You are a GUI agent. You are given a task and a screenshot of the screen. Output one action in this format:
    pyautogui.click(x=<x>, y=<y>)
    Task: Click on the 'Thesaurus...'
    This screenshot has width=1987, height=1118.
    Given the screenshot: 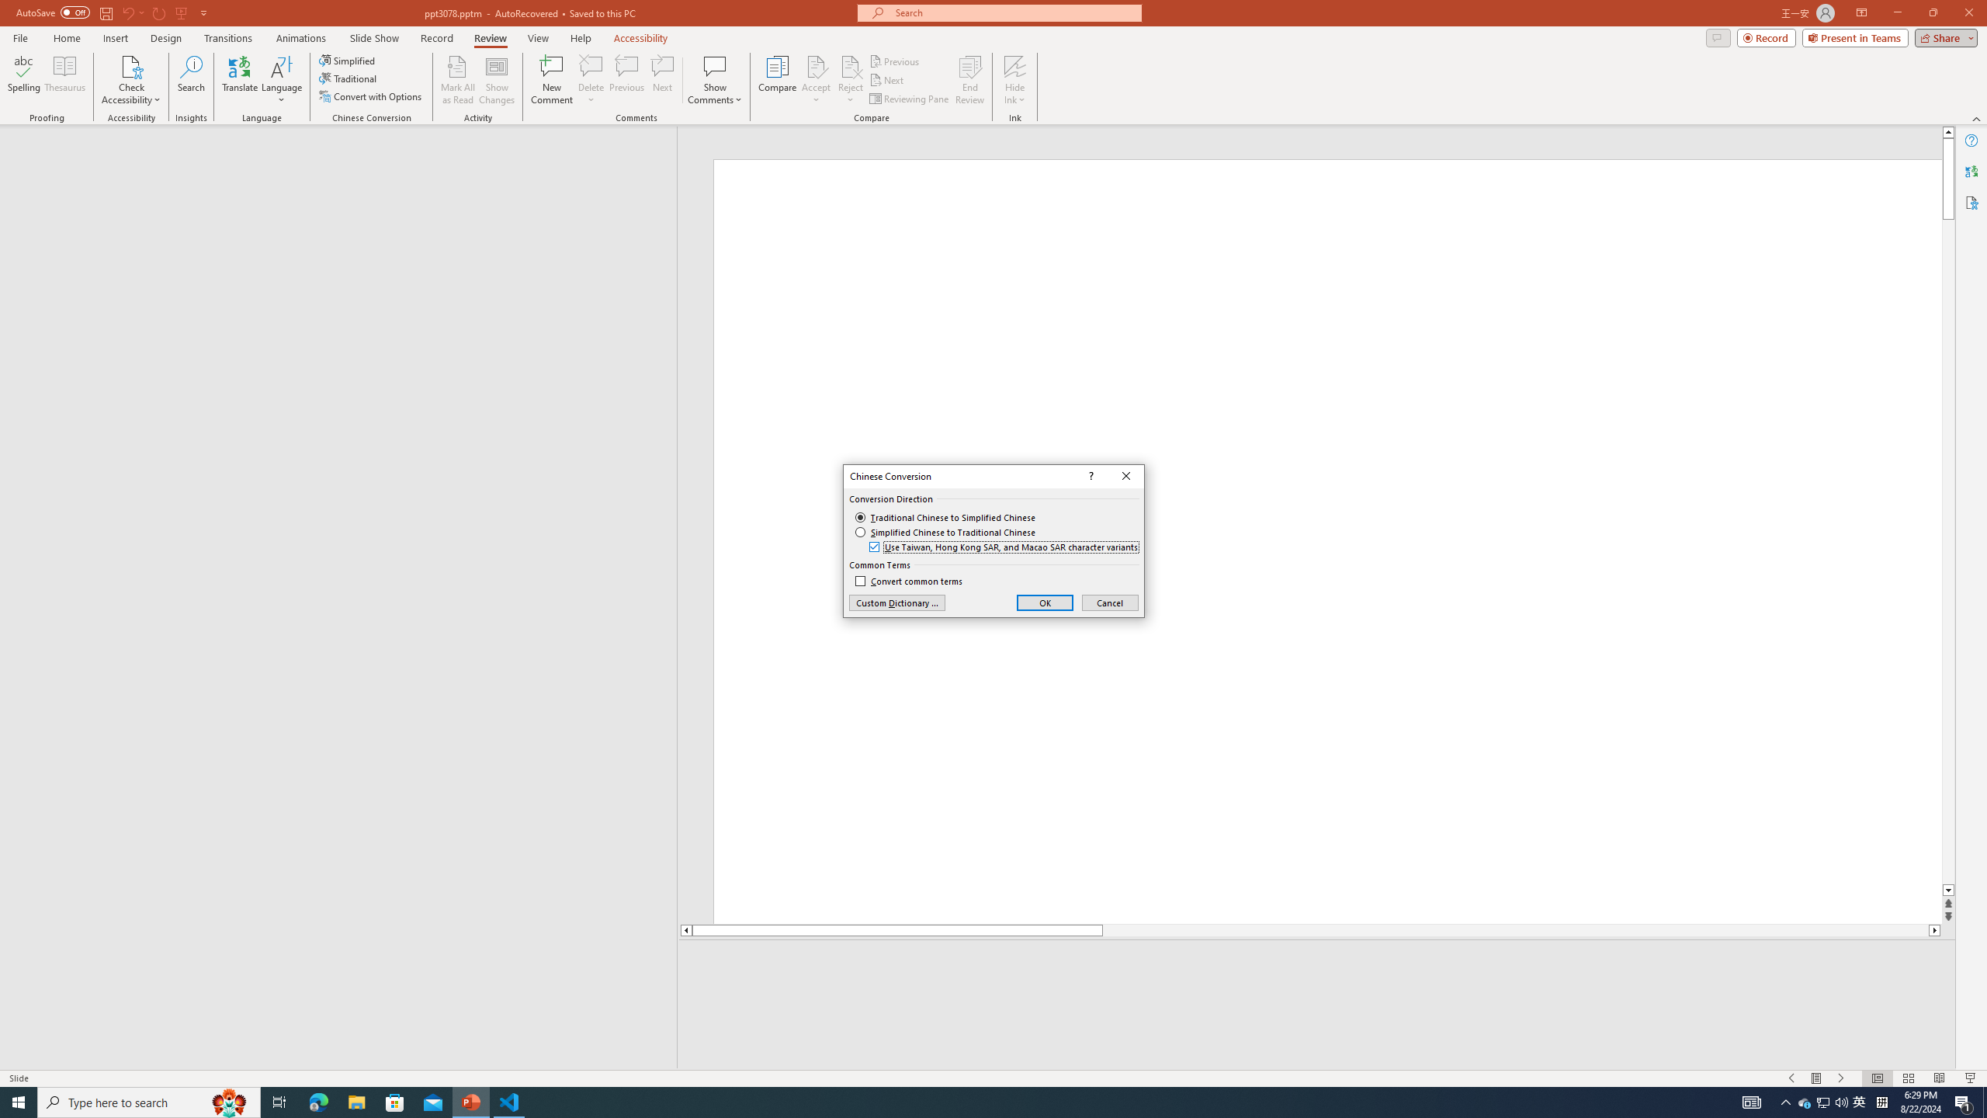 What is the action you would take?
    pyautogui.click(x=64, y=80)
    